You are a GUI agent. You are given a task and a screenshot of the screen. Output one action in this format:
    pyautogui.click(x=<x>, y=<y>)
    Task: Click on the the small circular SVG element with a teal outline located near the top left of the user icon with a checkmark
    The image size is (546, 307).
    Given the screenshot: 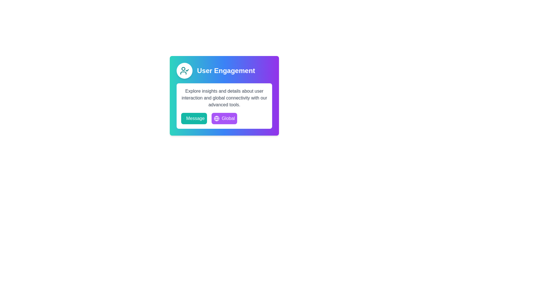 What is the action you would take?
    pyautogui.click(x=183, y=69)
    